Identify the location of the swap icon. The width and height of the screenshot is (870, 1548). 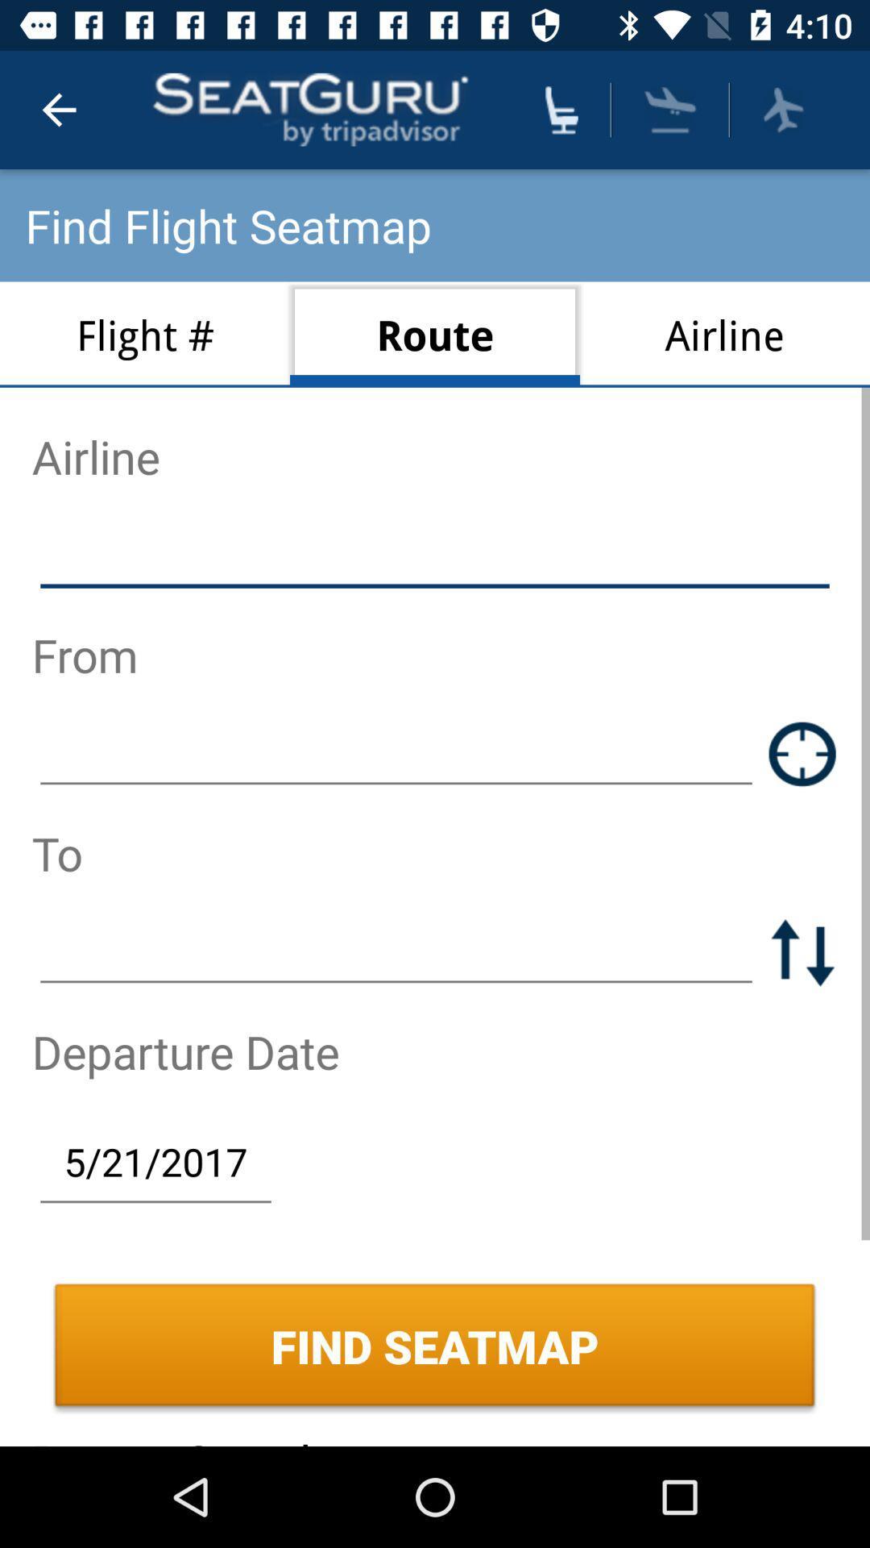
(802, 952).